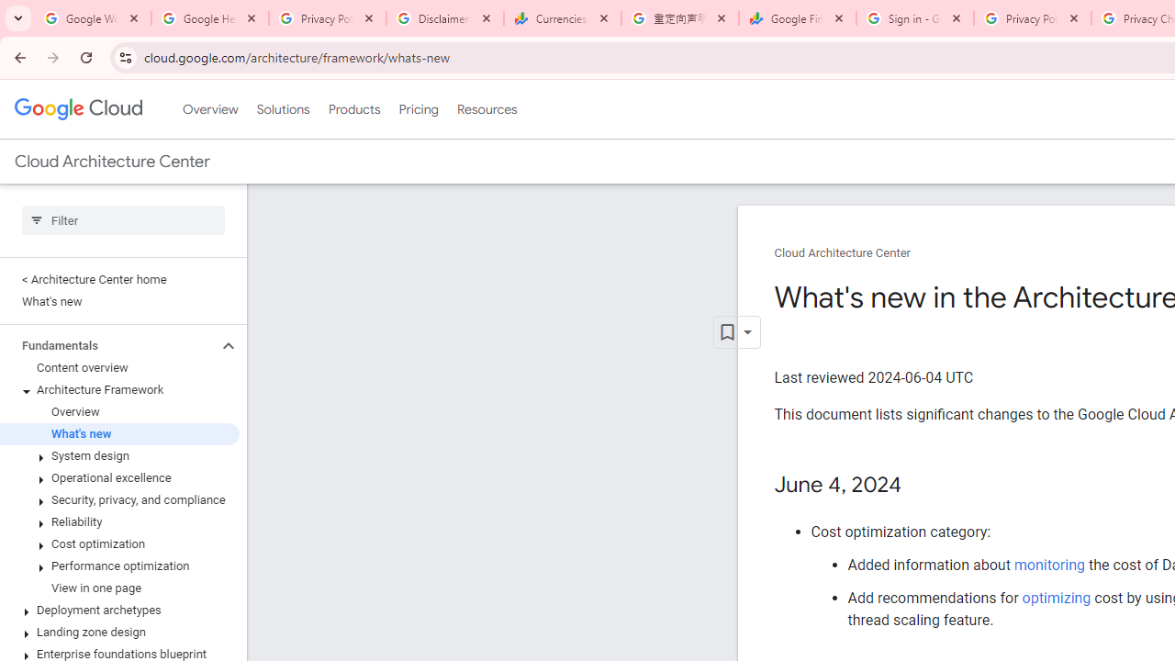  Describe the element at coordinates (118, 500) in the screenshot. I see `'Security, privacy, and compliance'` at that location.